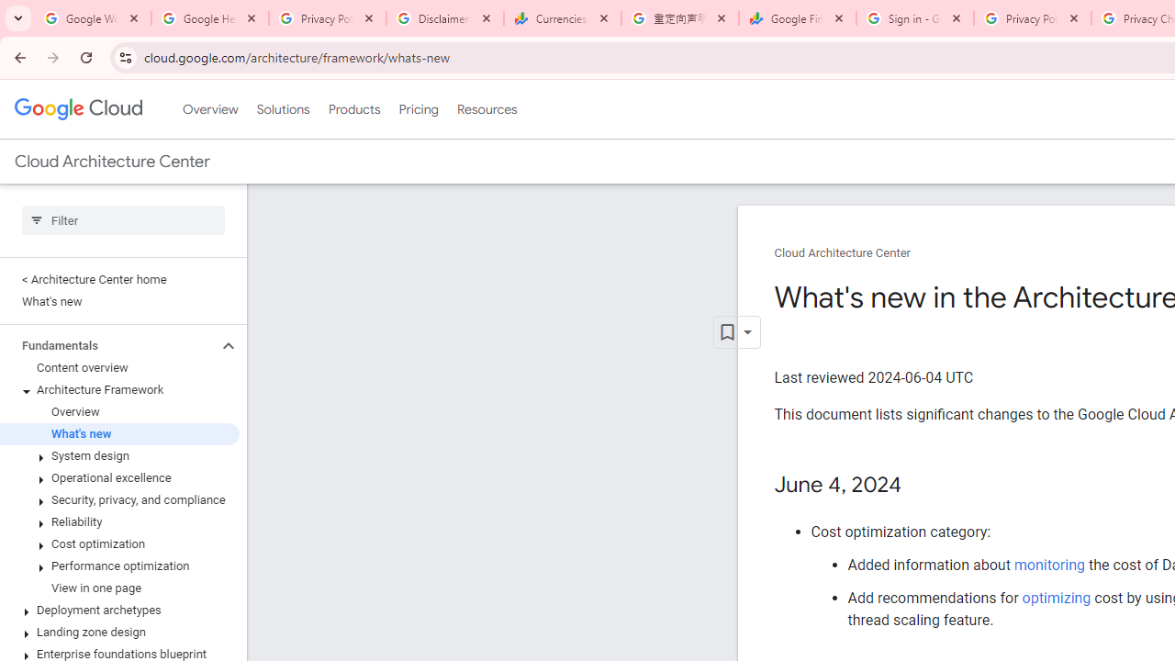  Describe the element at coordinates (118, 500) in the screenshot. I see `'Security, privacy, and compliance'` at that location.